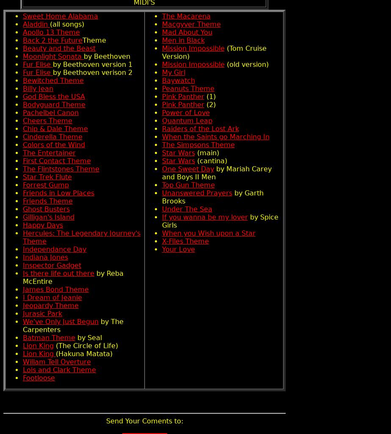 The height and width of the screenshot is (434, 391). What do you see at coordinates (54, 104) in the screenshot?
I see `'Bodyguard Theme'` at bounding box center [54, 104].